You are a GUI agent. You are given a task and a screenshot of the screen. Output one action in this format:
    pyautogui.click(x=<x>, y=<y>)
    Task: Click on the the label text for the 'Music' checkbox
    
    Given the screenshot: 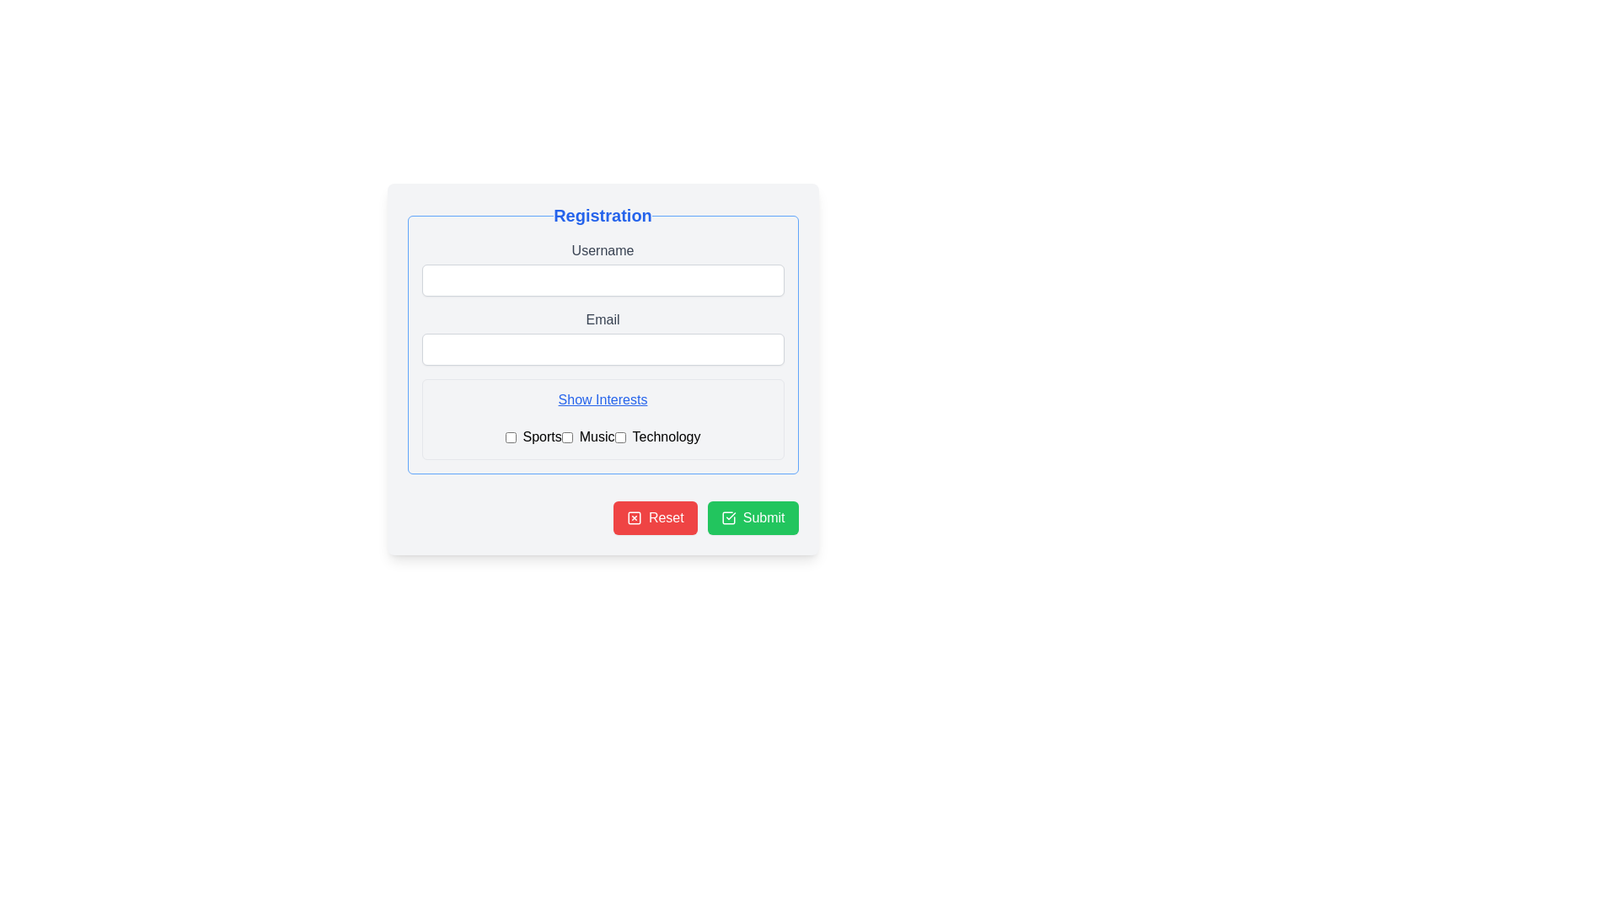 What is the action you would take?
    pyautogui.click(x=587, y=436)
    